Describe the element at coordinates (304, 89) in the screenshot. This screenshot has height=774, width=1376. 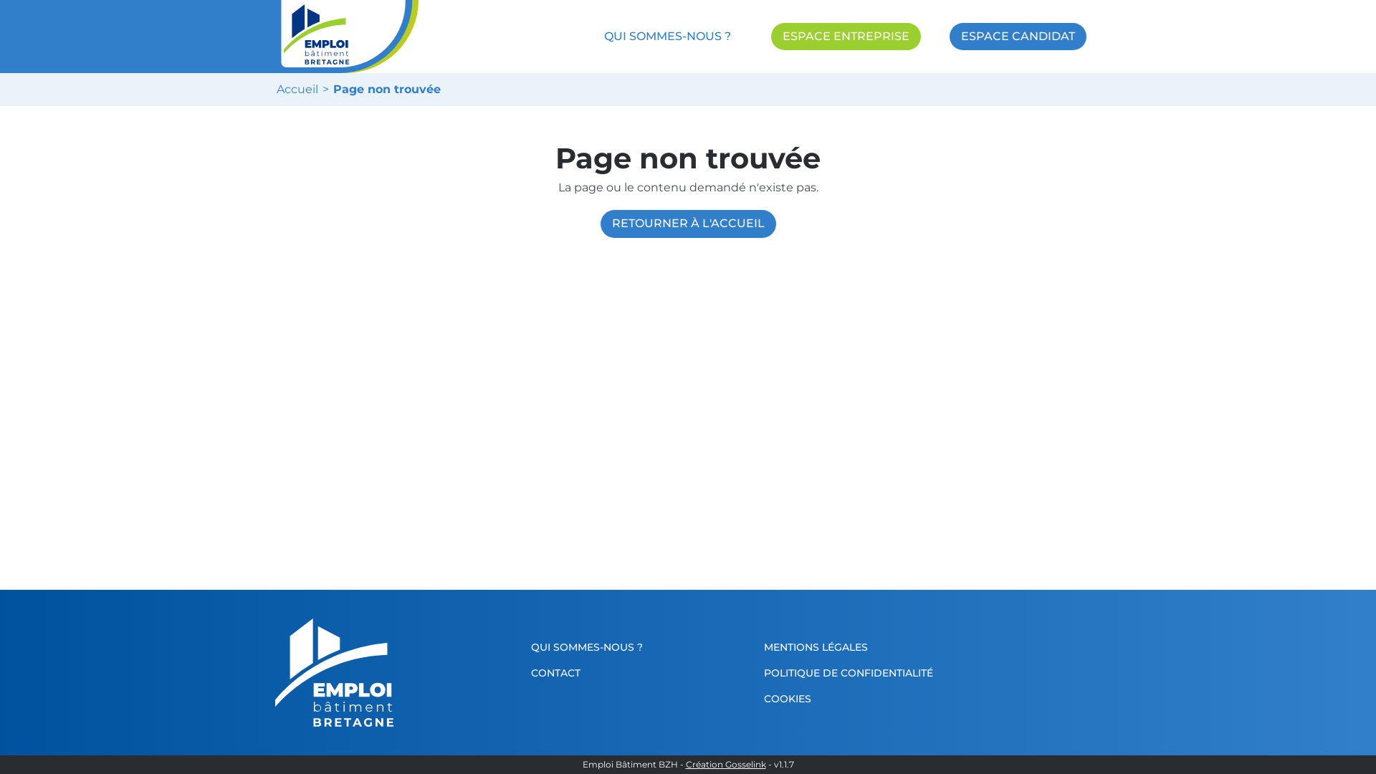
I see `'Accueil'` at that location.